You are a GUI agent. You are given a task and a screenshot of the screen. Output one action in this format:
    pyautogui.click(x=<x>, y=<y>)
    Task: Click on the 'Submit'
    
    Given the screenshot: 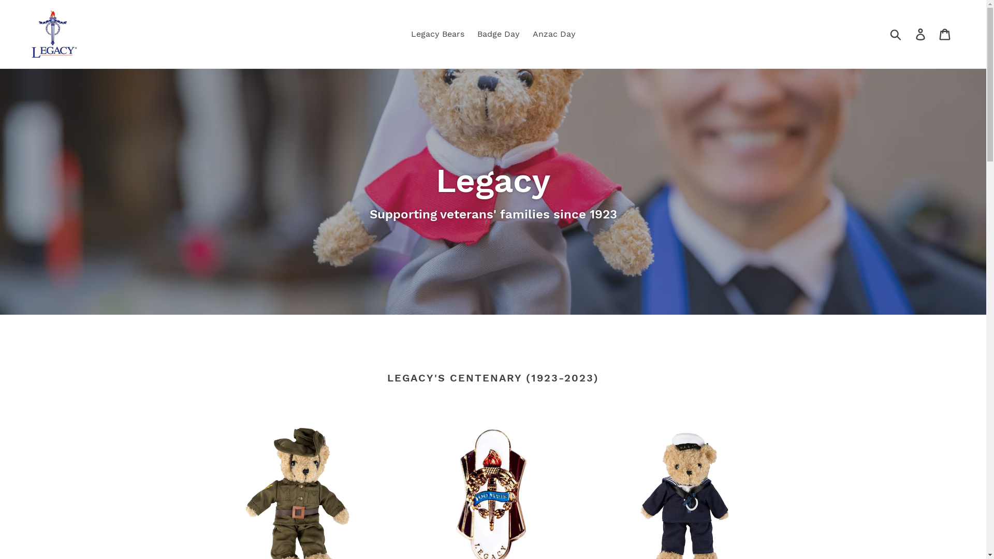 What is the action you would take?
    pyautogui.click(x=896, y=33)
    